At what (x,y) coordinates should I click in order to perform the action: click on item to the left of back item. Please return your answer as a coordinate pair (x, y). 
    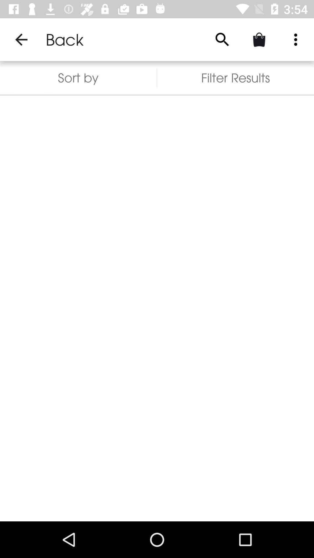
    Looking at the image, I should click on (21, 39).